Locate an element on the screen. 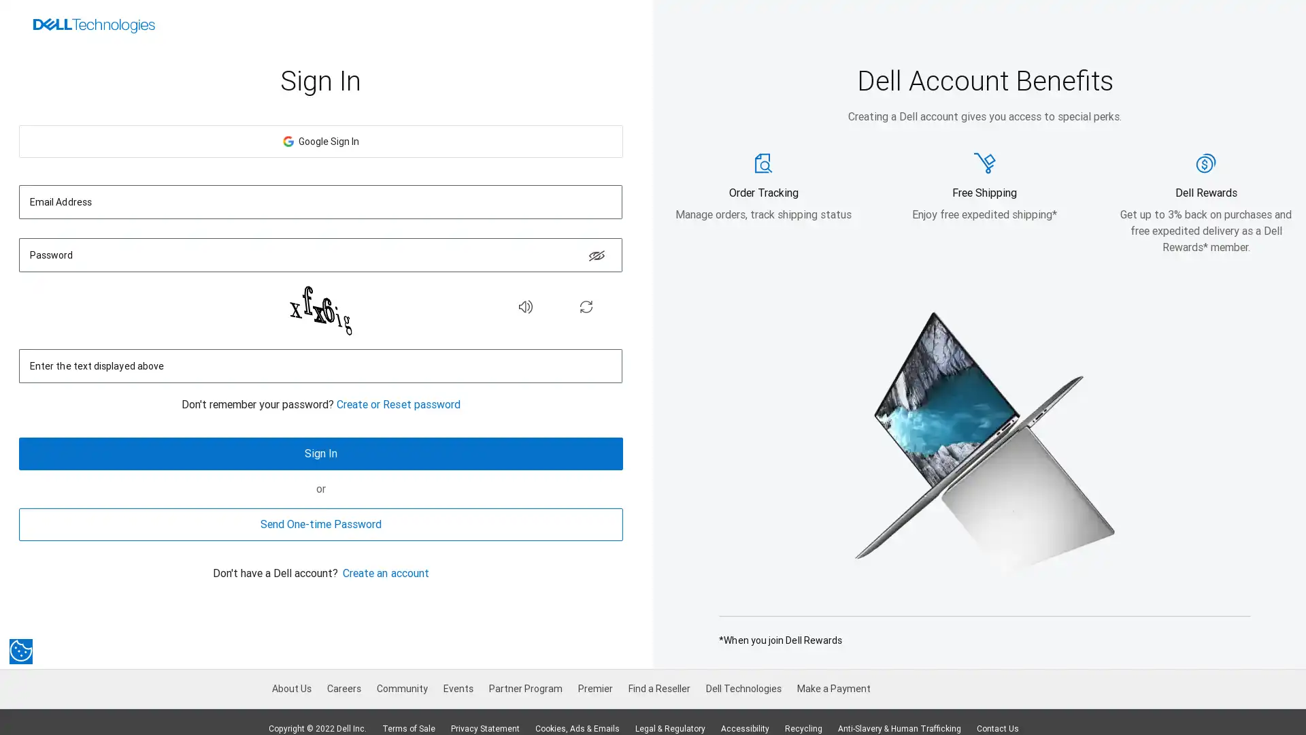 Image resolution: width=1306 pixels, height=735 pixels. captchaAudioIcon_6367f6ca-64b7-46ff-b7e6-fa4b71907169 is located at coordinates (524, 306).